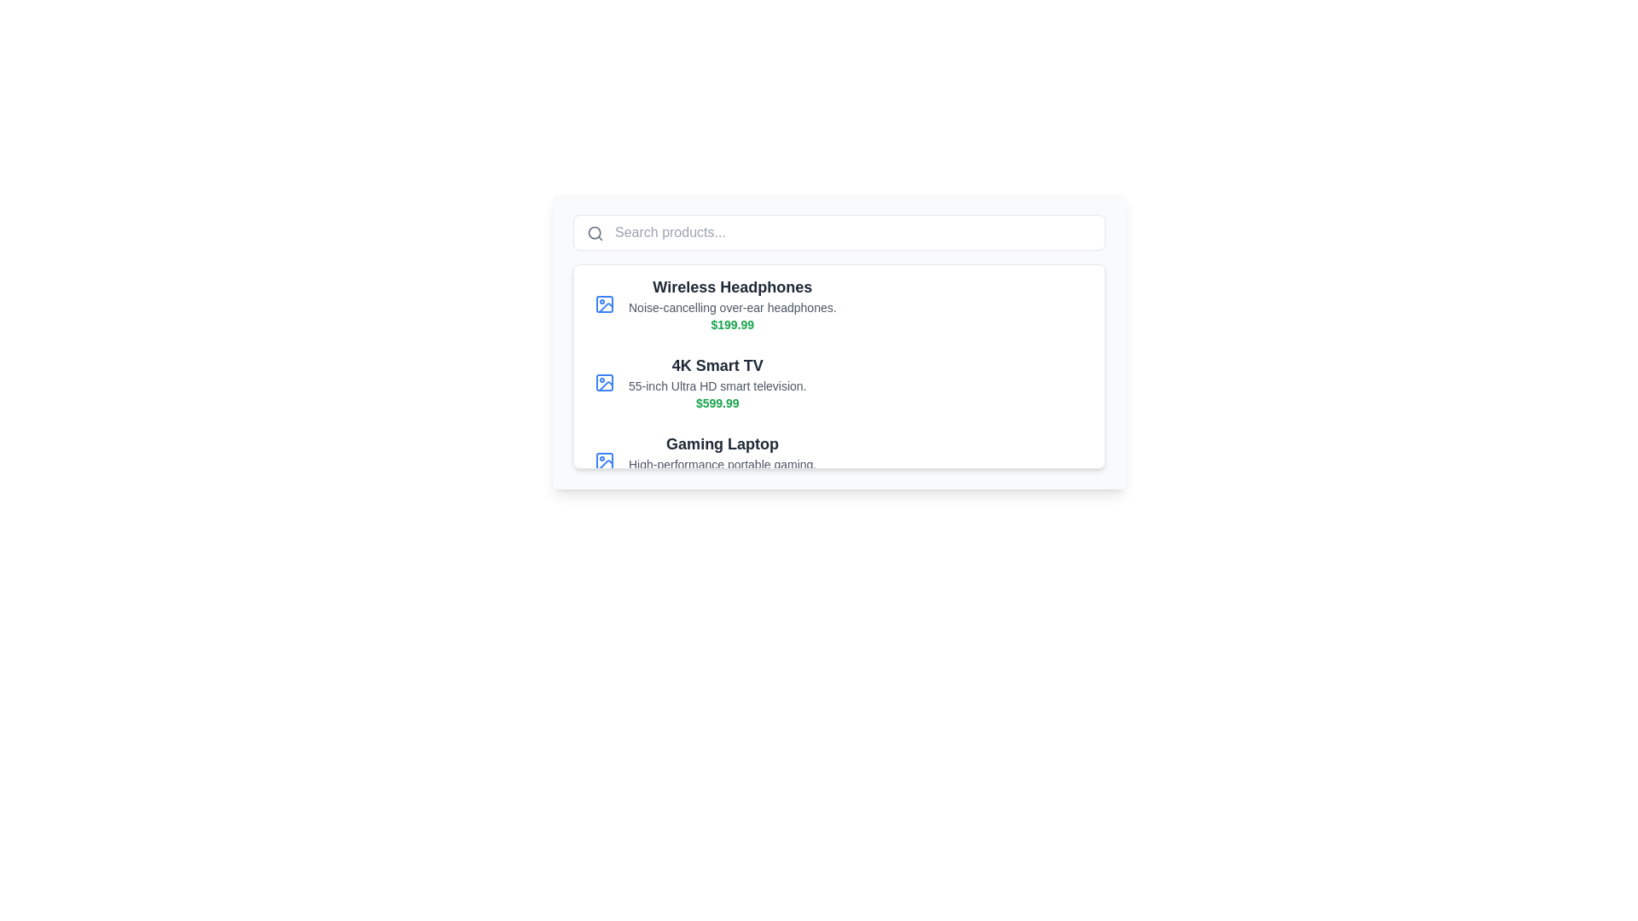 The width and height of the screenshot is (1638, 921). I want to click on text of the 'Gaming Laptop' title label located in the third product card, centered beneath the product image and above the description and price labels, so click(723, 443).